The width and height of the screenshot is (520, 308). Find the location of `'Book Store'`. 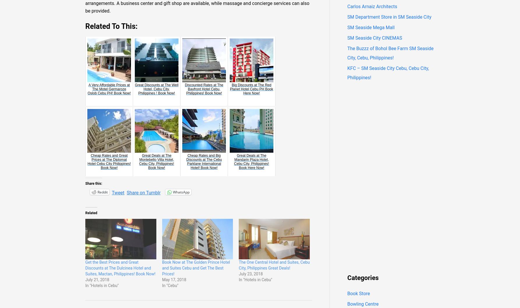

'Book Store' is located at coordinates (358, 293).